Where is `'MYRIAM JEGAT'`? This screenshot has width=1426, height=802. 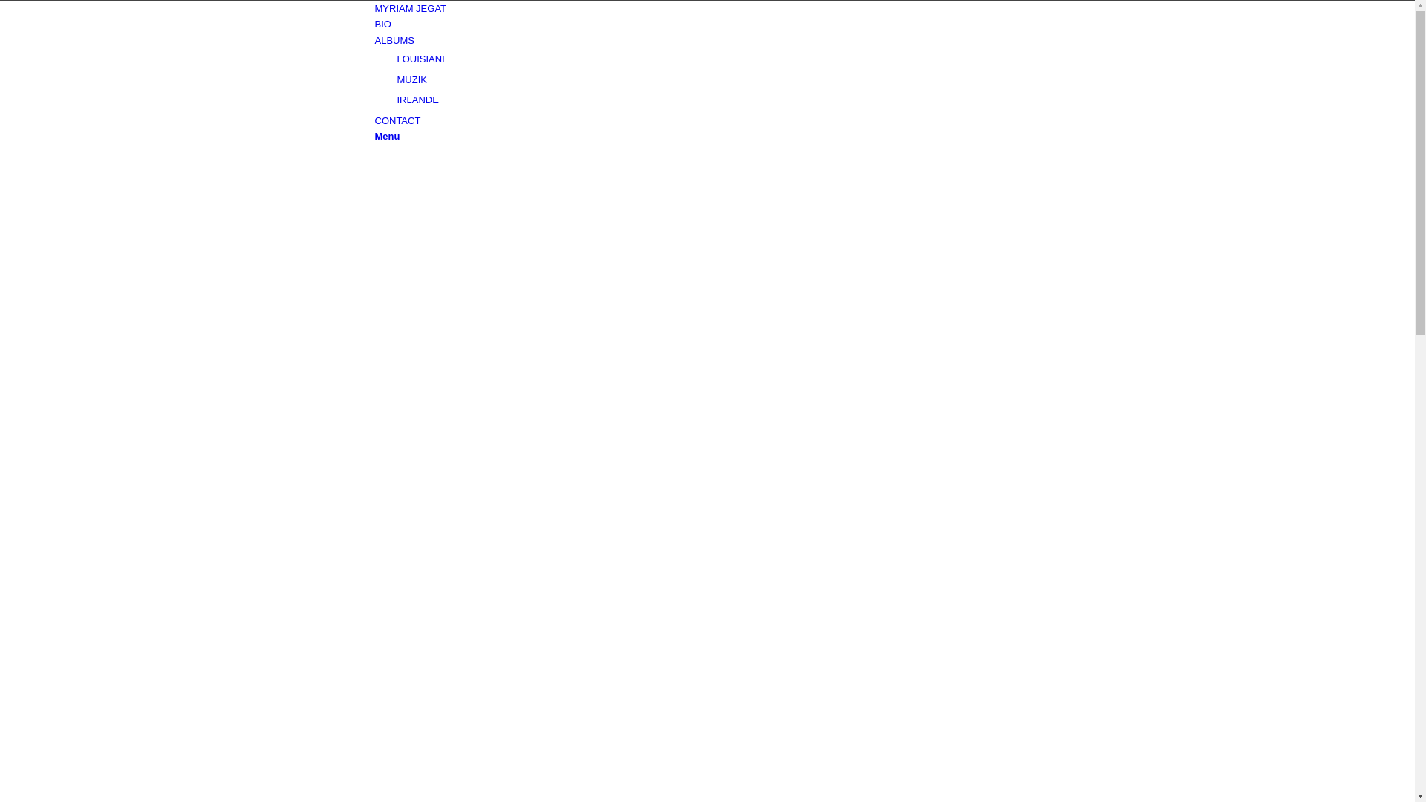 'MYRIAM JEGAT' is located at coordinates (374, 8).